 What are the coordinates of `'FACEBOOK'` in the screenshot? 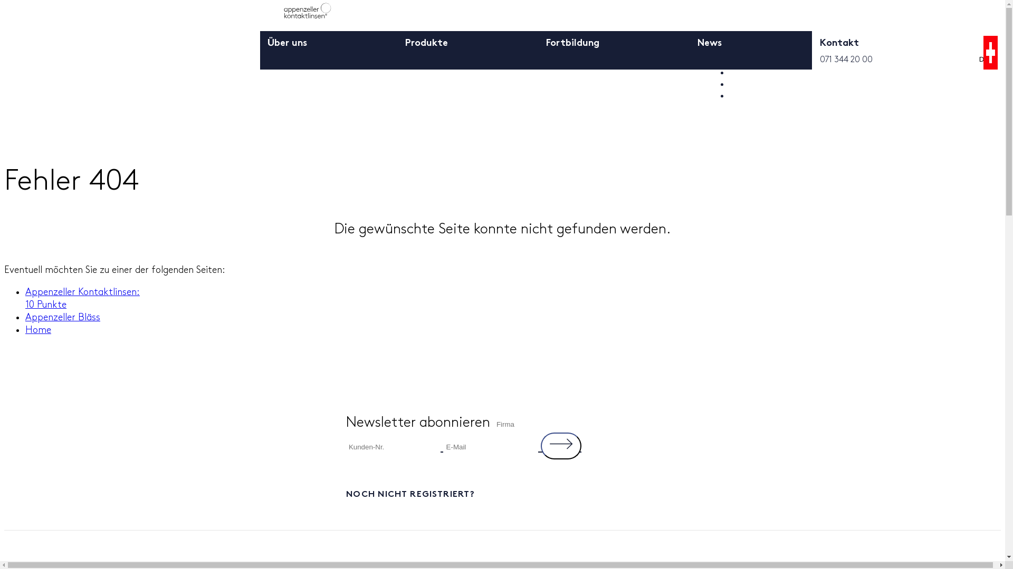 It's located at (773, 131).